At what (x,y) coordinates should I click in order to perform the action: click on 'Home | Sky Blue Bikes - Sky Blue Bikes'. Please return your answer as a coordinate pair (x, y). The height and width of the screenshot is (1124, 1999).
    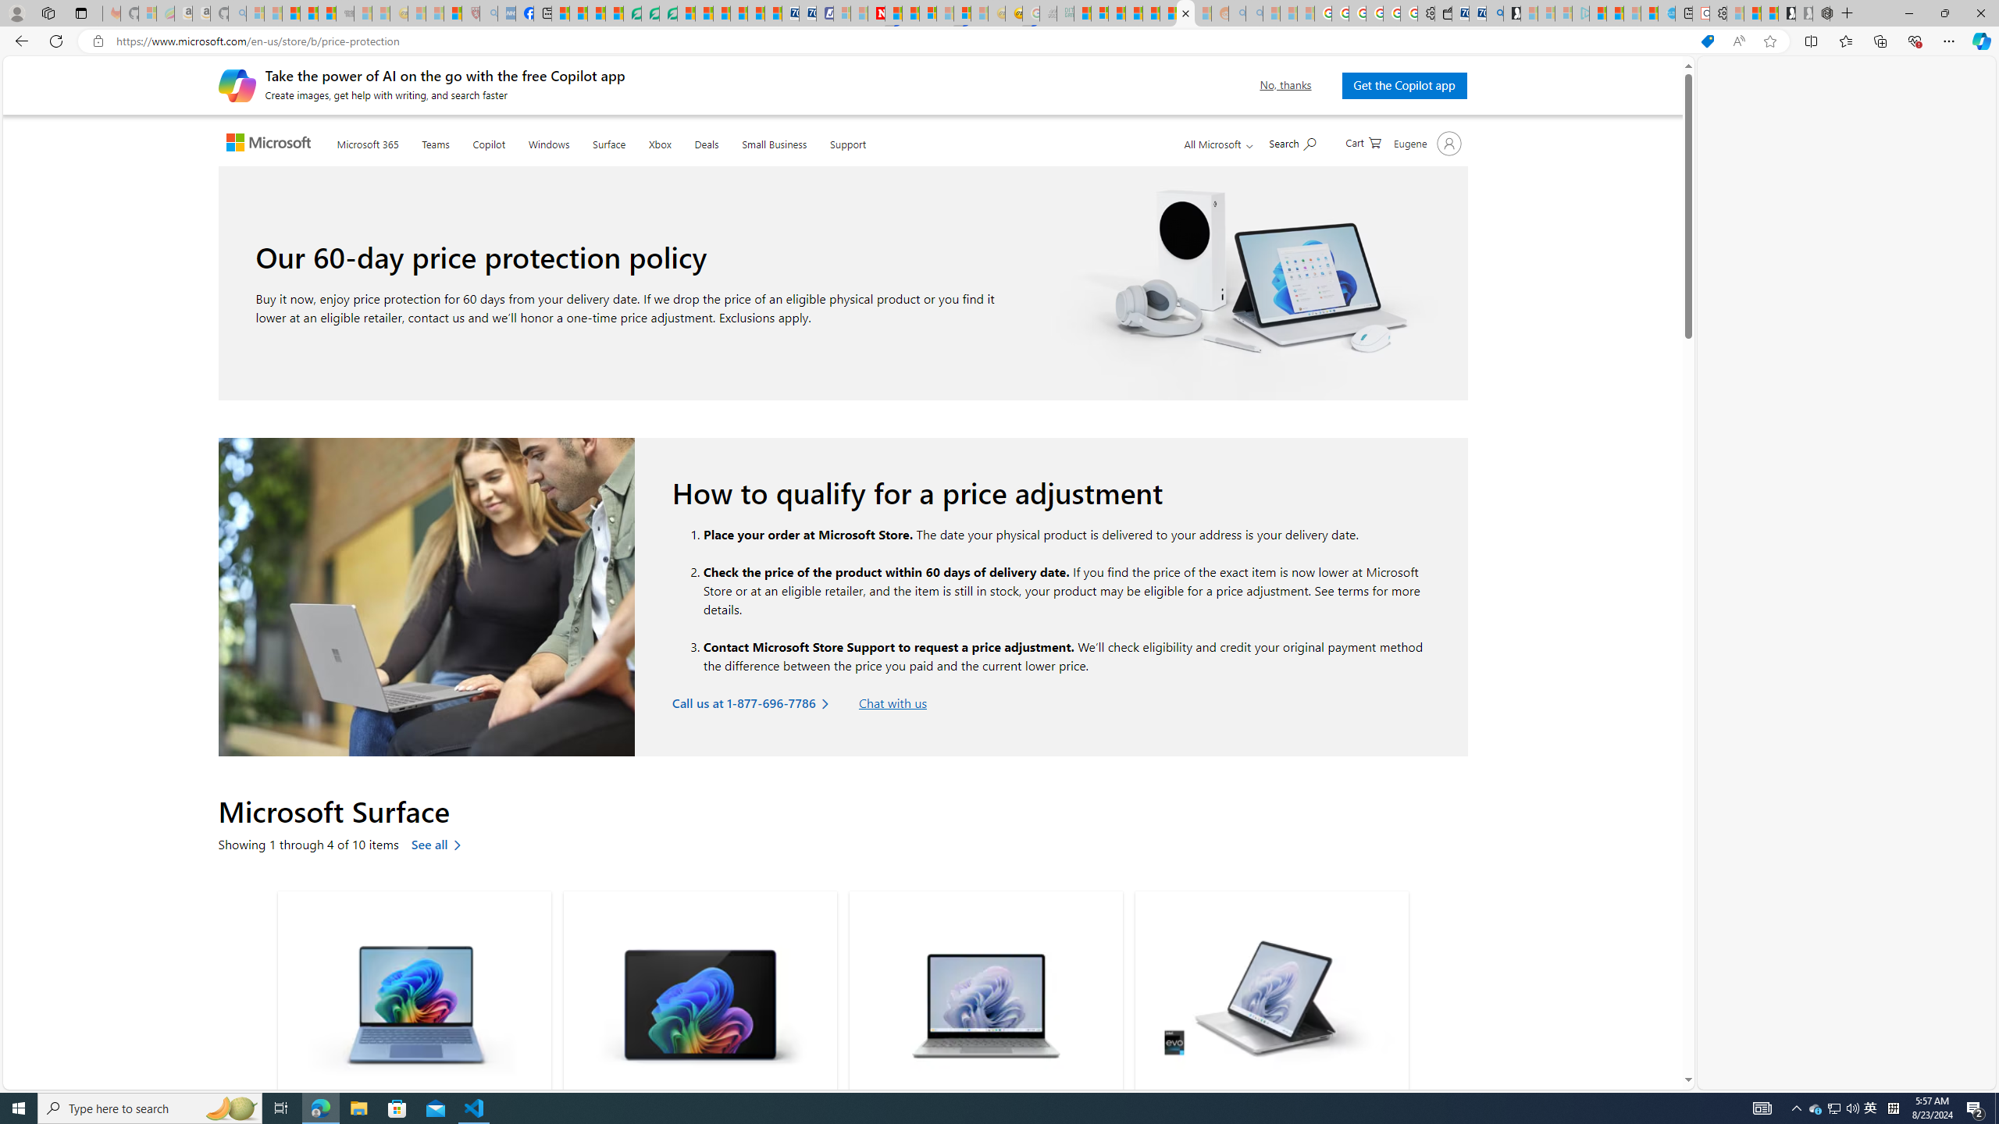
    Looking at the image, I should click on (1665, 12).